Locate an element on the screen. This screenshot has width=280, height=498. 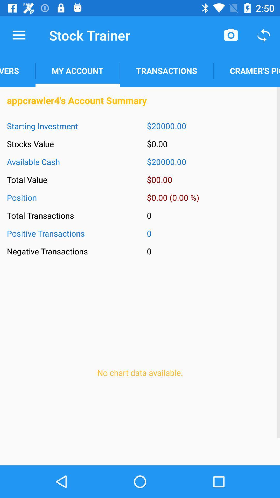
icon above appcrawler4 s account icon is located at coordinates (246, 71).